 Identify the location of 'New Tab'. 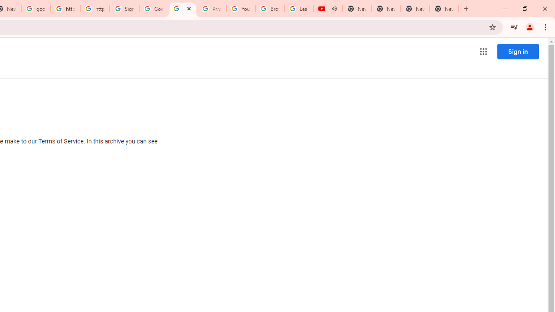
(444, 9).